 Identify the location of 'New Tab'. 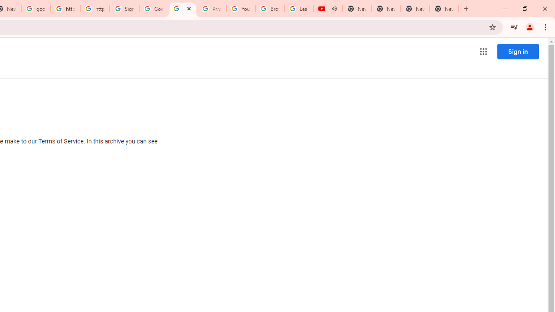
(444, 9).